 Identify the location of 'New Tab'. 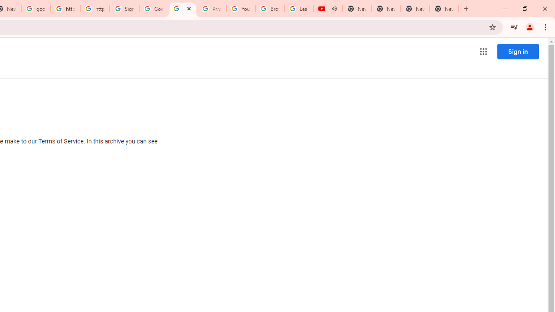
(444, 9).